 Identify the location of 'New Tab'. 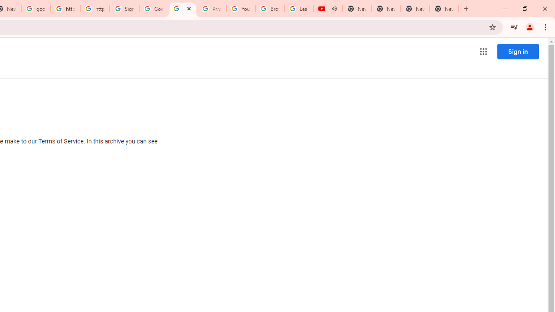
(444, 9).